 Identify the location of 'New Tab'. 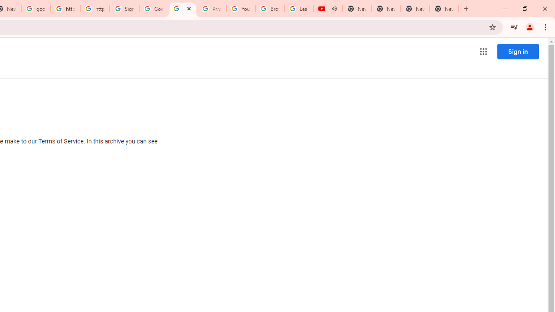
(444, 9).